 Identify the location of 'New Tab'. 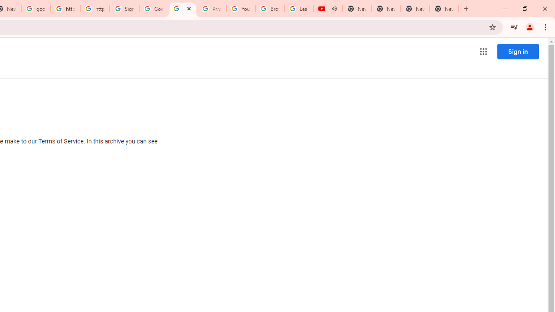
(444, 9).